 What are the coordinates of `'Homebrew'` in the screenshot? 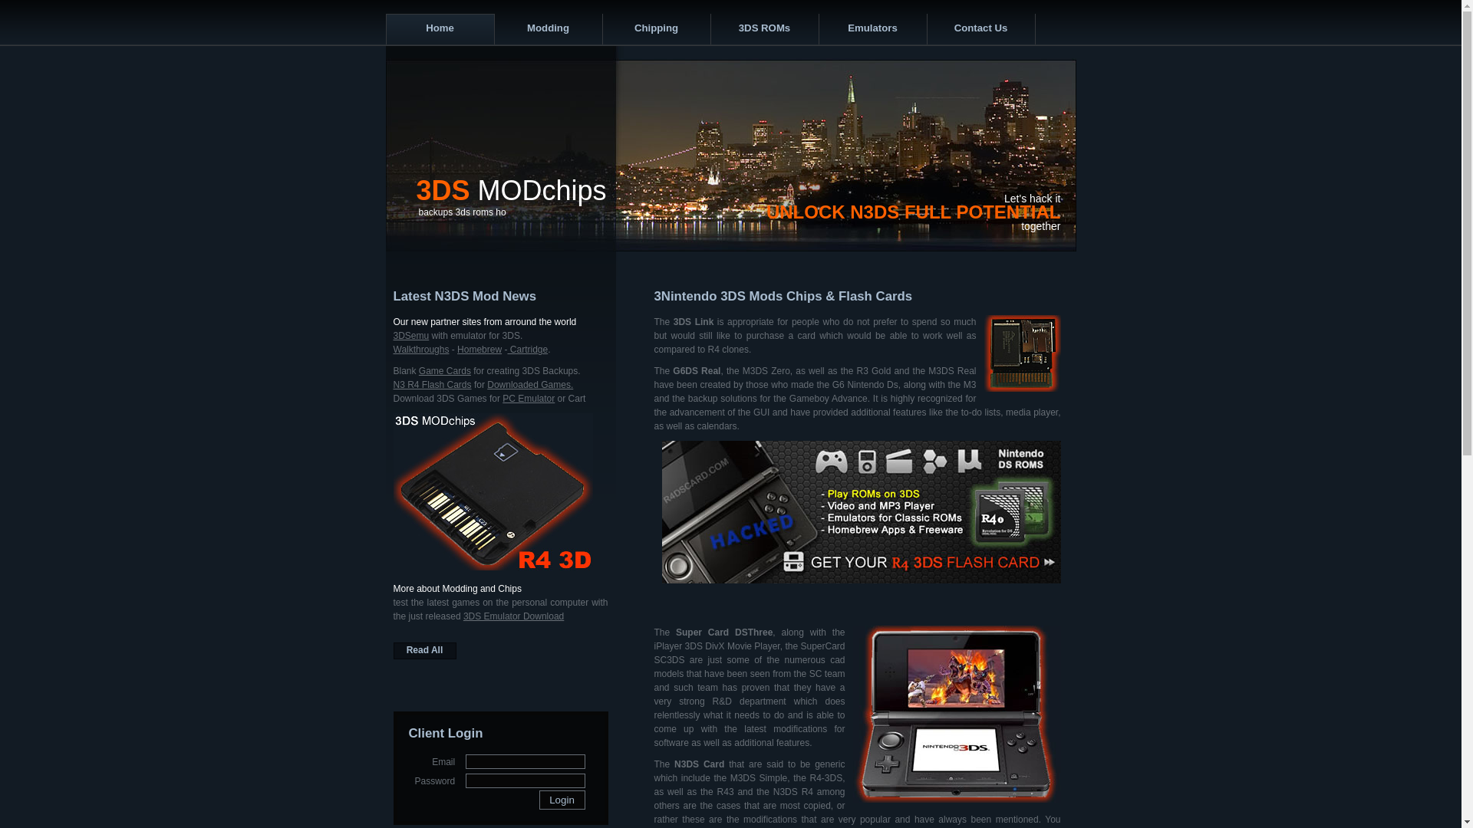 It's located at (478, 349).